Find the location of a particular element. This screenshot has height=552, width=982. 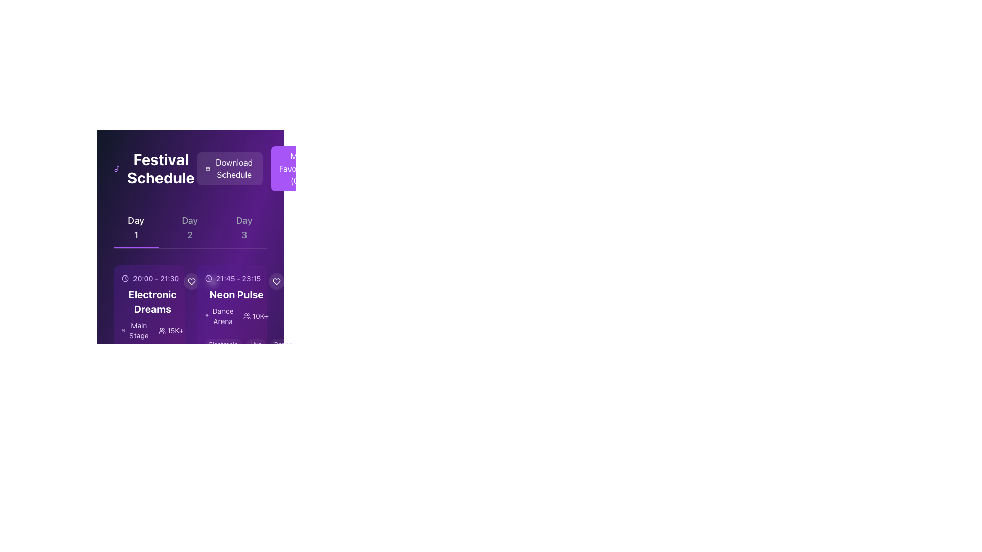

the small circular button with a heart icon located in the upper-right corner of the 'Neon Pulse' card is located at coordinates (276, 282).